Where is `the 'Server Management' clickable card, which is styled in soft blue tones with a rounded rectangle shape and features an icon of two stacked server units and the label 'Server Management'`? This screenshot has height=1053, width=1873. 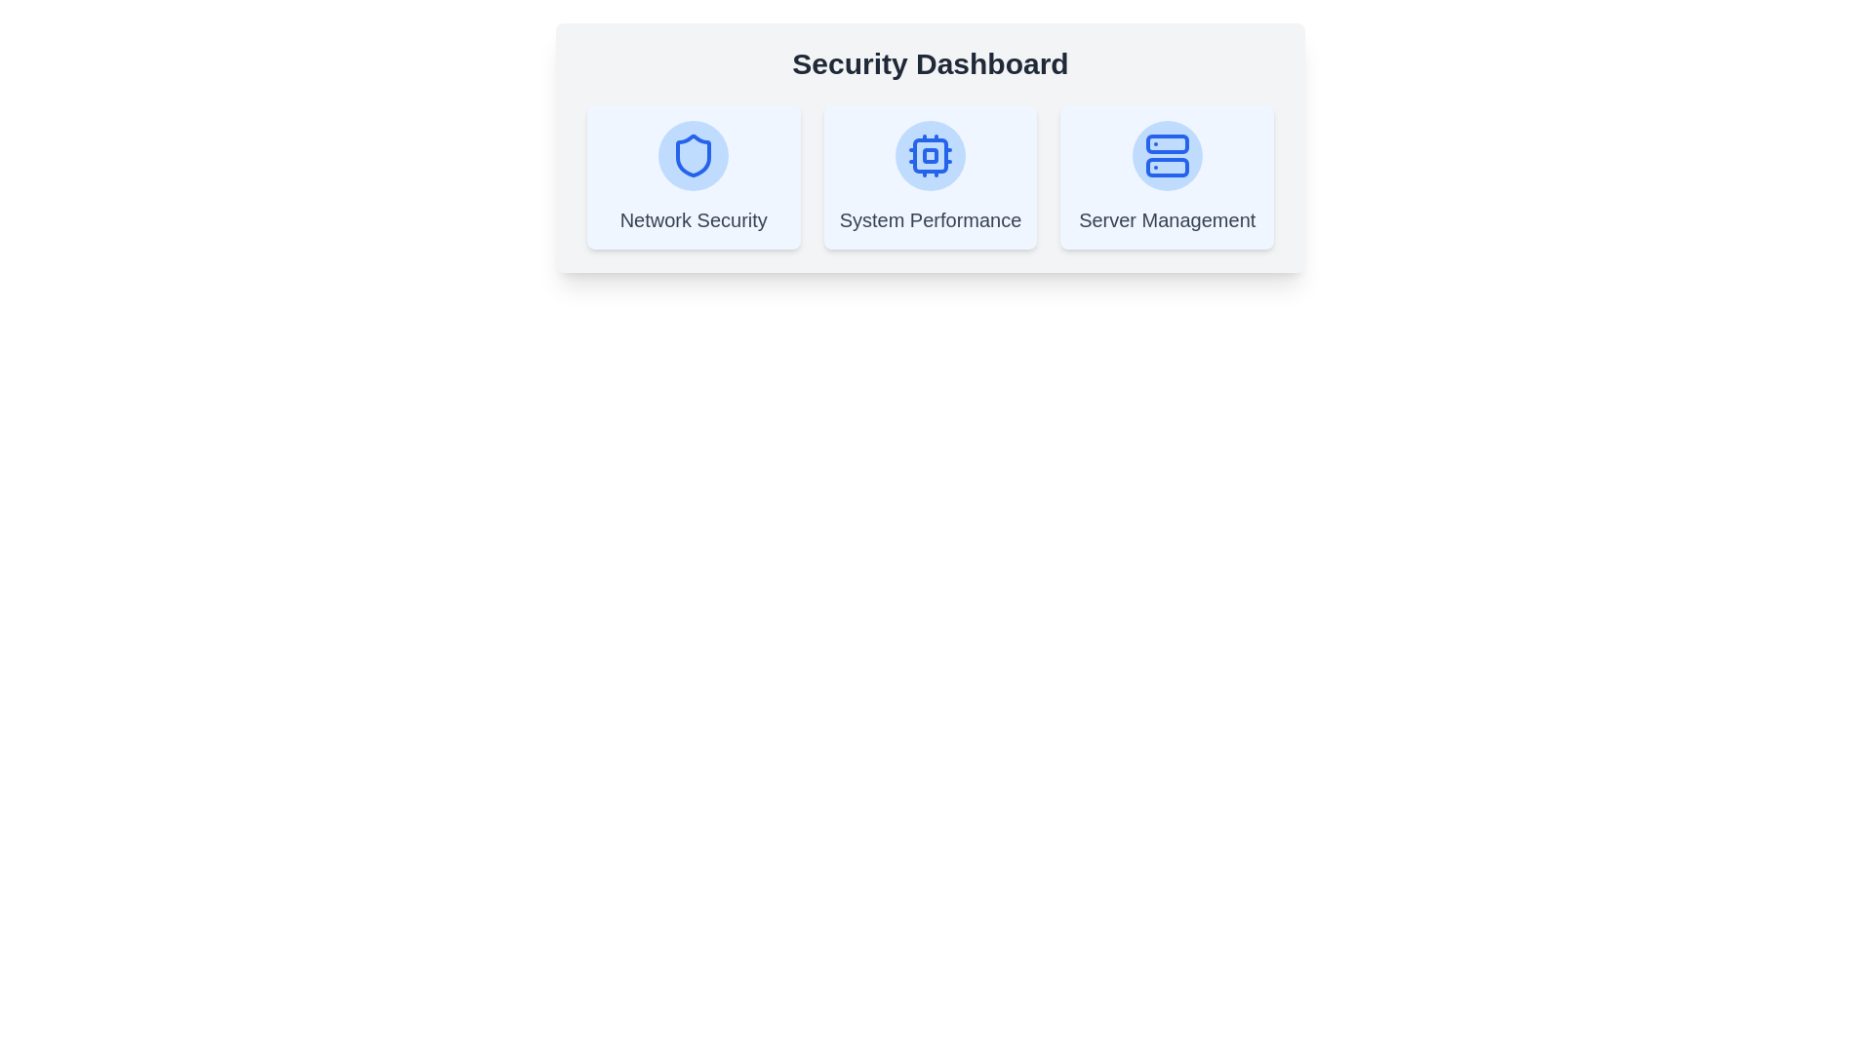 the 'Server Management' clickable card, which is styled in soft blue tones with a rounded rectangle shape and features an icon of two stacked server units and the label 'Server Management' is located at coordinates (1167, 176).